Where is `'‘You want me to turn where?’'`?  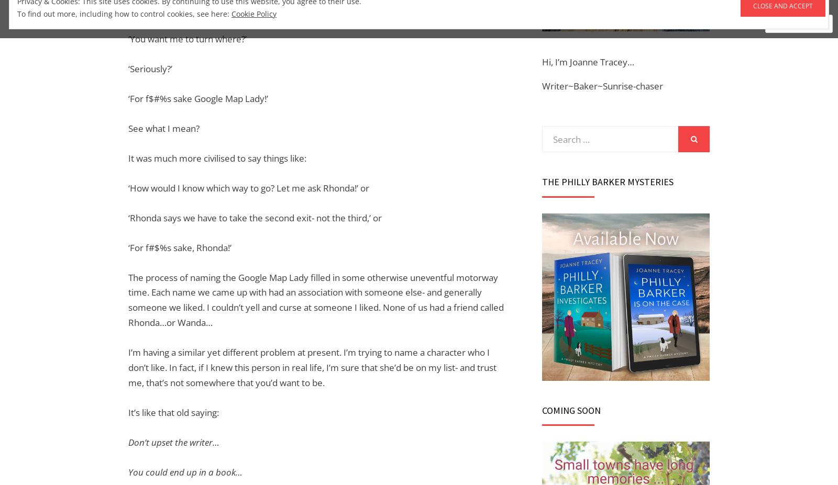 '‘You want me to turn where?’' is located at coordinates (128, 38).